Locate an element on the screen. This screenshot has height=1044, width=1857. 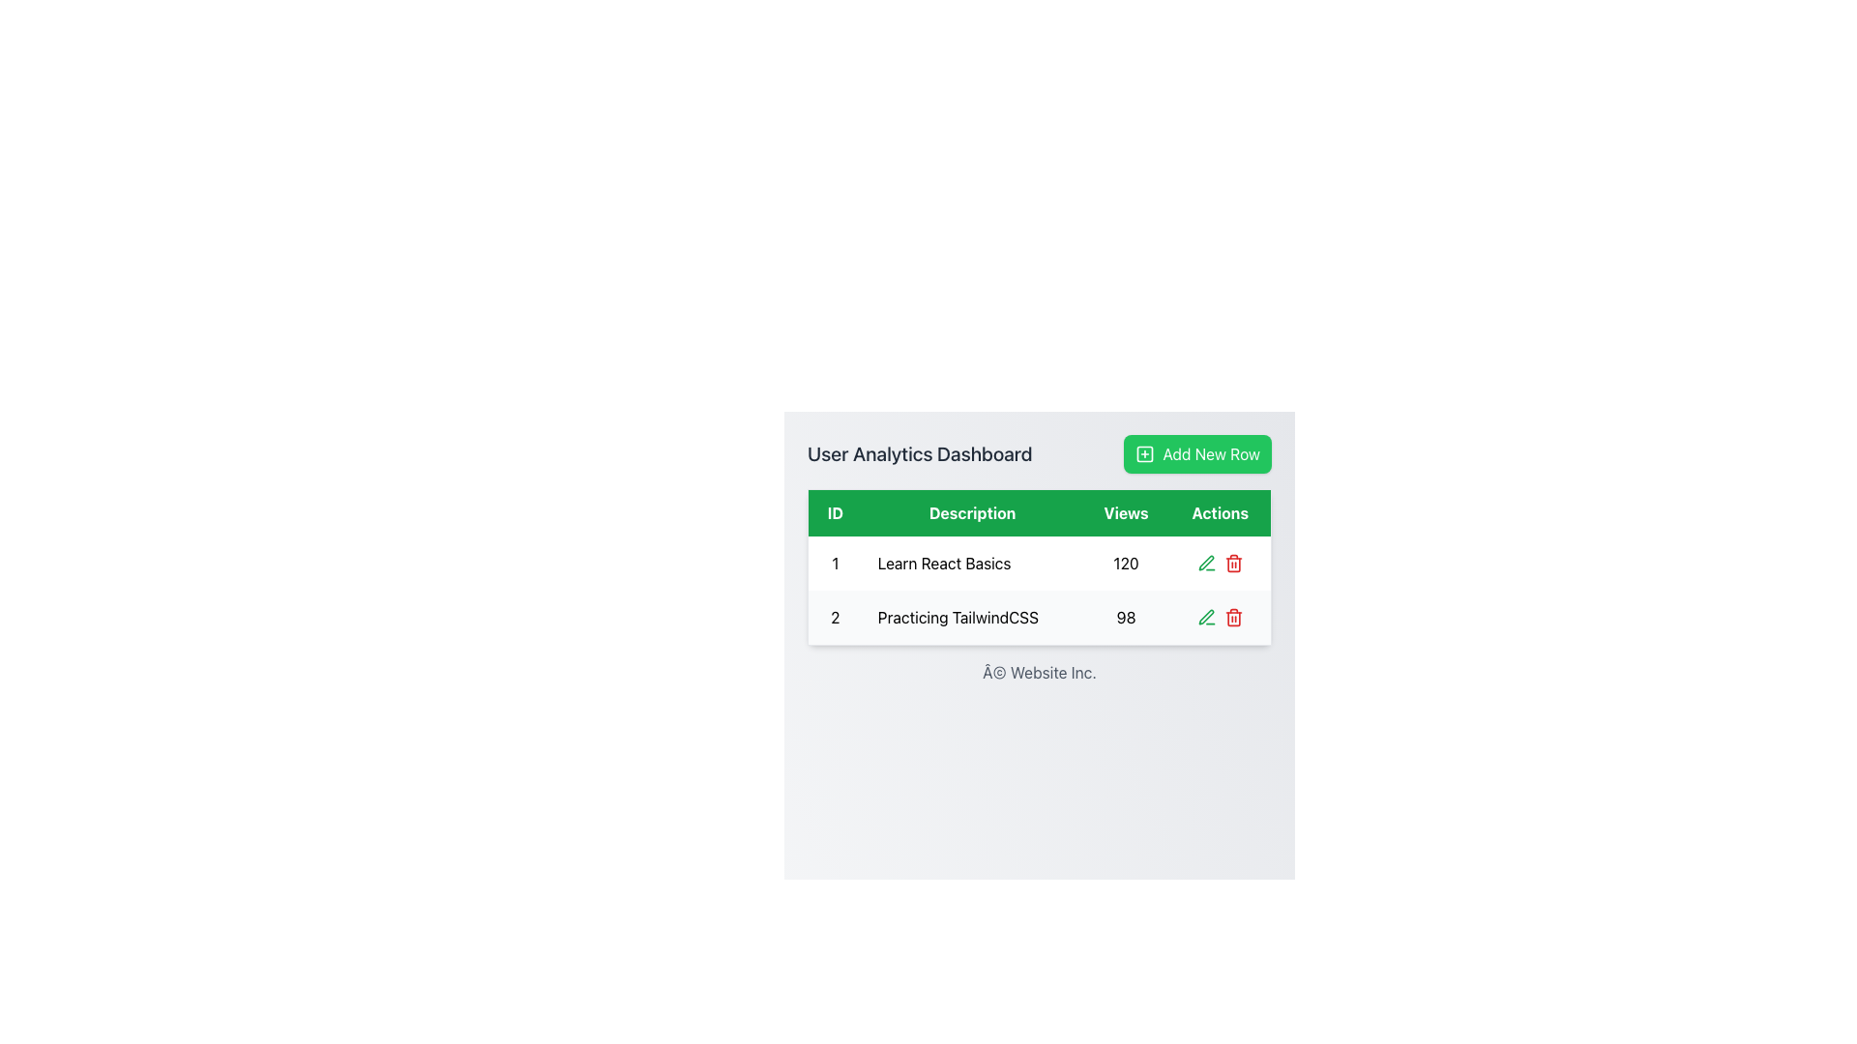
the static text label that serves as the header for the 'Views' column in the table, which is the third header in the row is located at coordinates (1126, 511).